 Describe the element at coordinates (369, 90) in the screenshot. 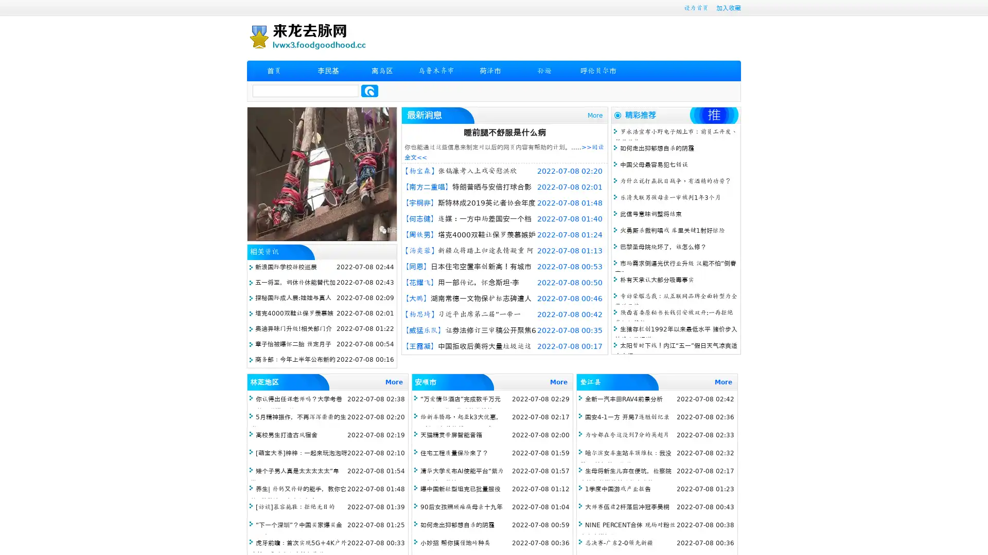

I see `Search` at that location.